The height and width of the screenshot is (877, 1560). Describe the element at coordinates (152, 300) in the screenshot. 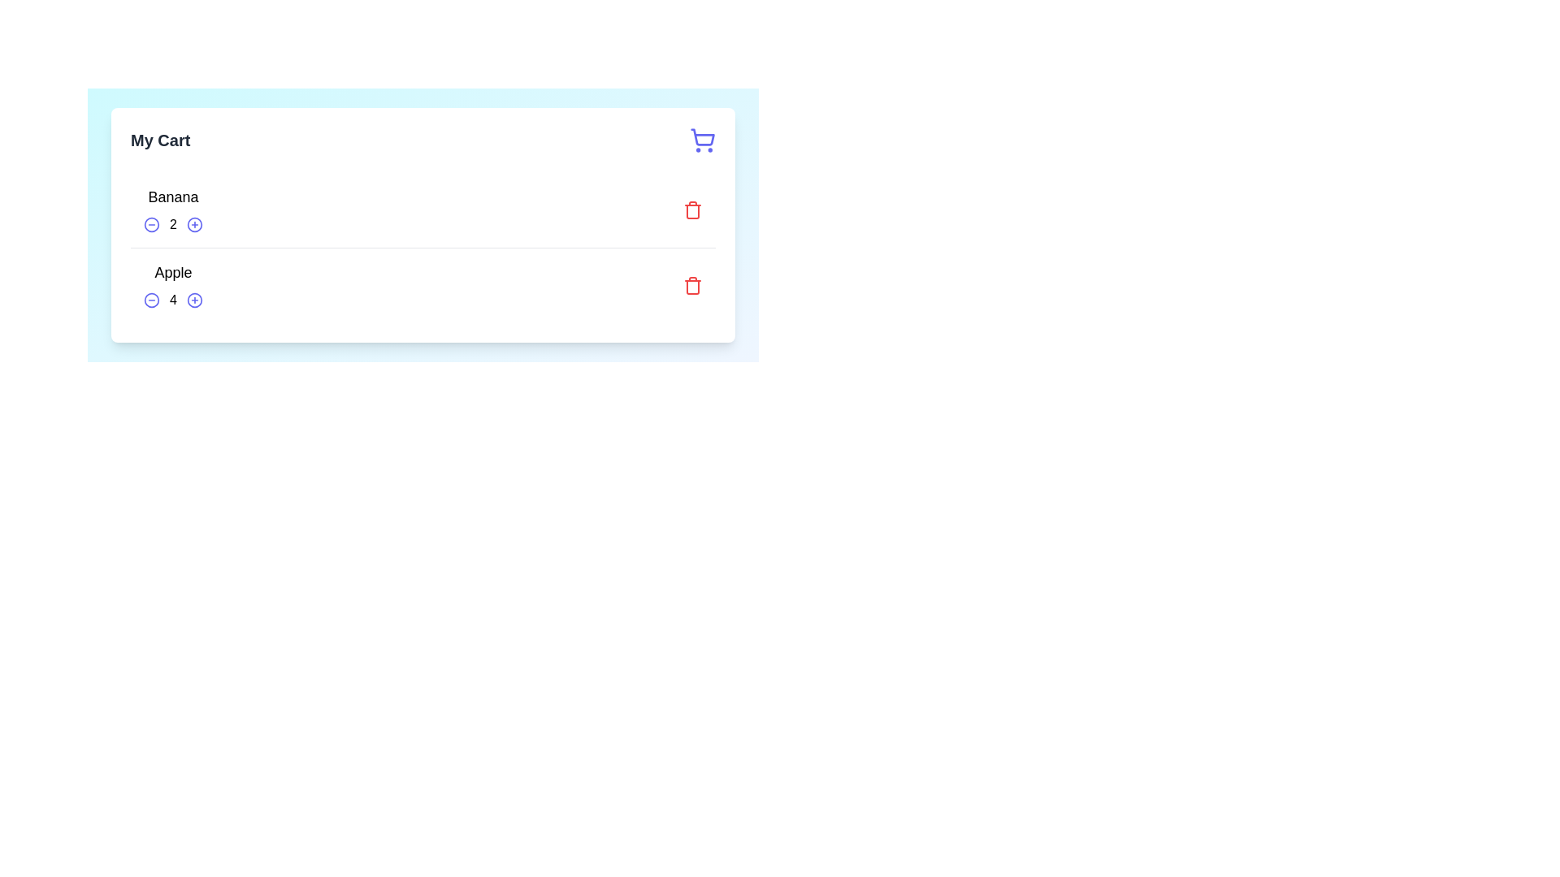

I see `the interactive circular minus icon located in the 'My Cart' section, which is indigo colored and positioned next to the number '4' for quantity adjustment` at that location.